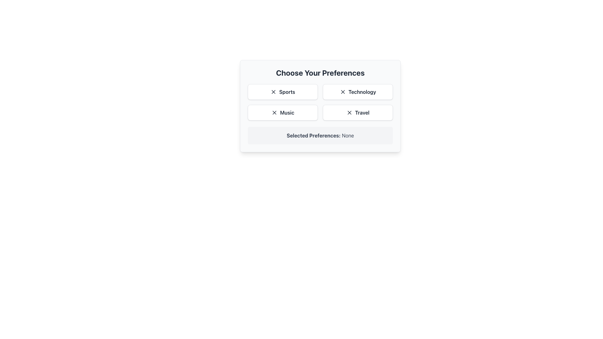  What do you see at coordinates (287, 92) in the screenshot?
I see `the 'Sports' label, which is a bold text element located centrally within a button-like component on the left side of the top row in a grid of buttons` at bounding box center [287, 92].